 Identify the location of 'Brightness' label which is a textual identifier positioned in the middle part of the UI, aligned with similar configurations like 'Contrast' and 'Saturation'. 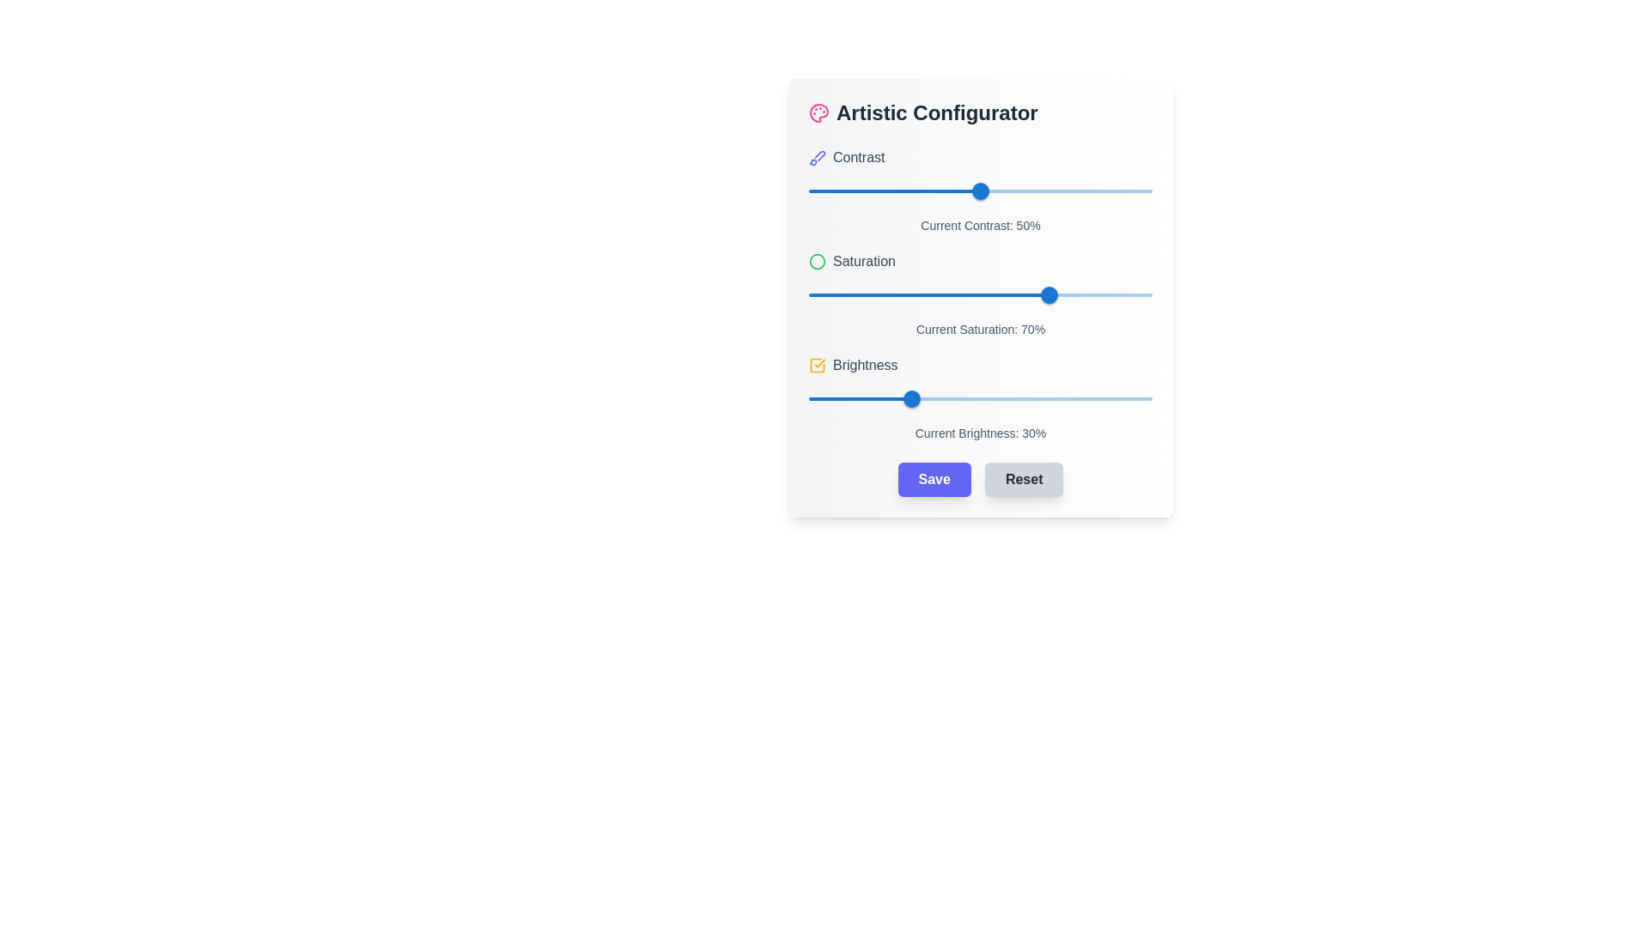
(865, 364).